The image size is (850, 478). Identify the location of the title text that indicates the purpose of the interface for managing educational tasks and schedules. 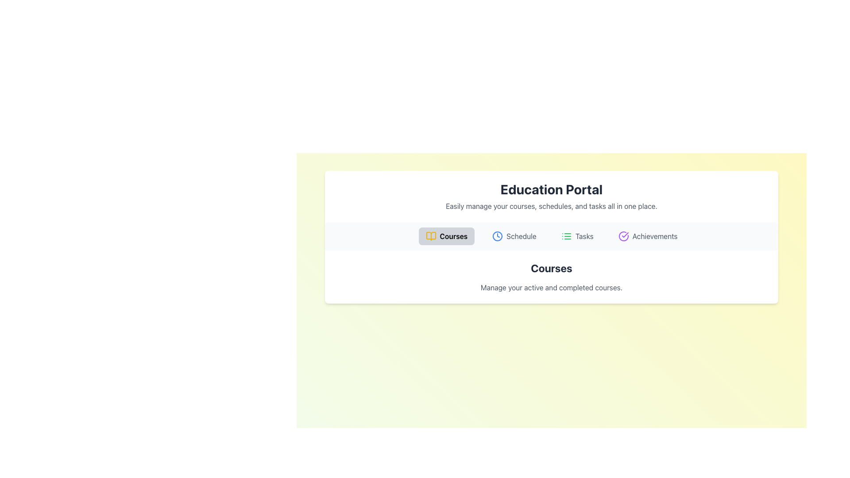
(551, 189).